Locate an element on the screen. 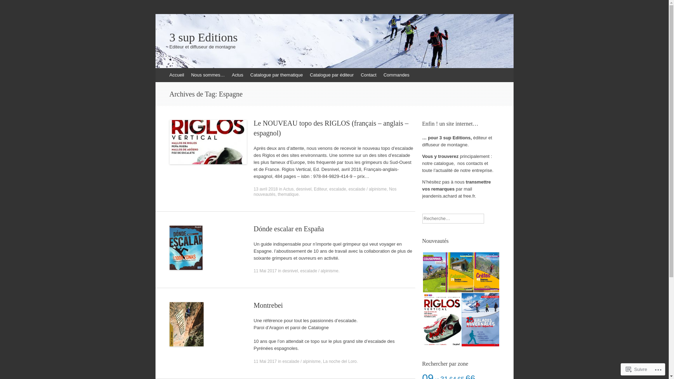  'escalade / alpinisme' is located at coordinates (367, 189).